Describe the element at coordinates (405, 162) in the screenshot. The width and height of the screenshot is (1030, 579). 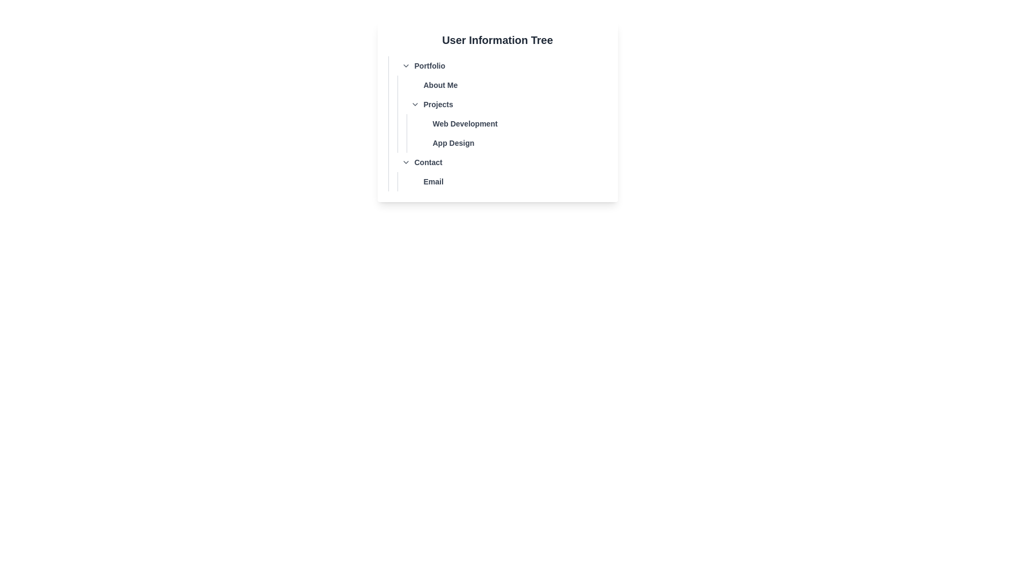
I see `the downward-facing chevron icon that serves as a dropdown indicator located to the left of the 'Contact' text` at that location.